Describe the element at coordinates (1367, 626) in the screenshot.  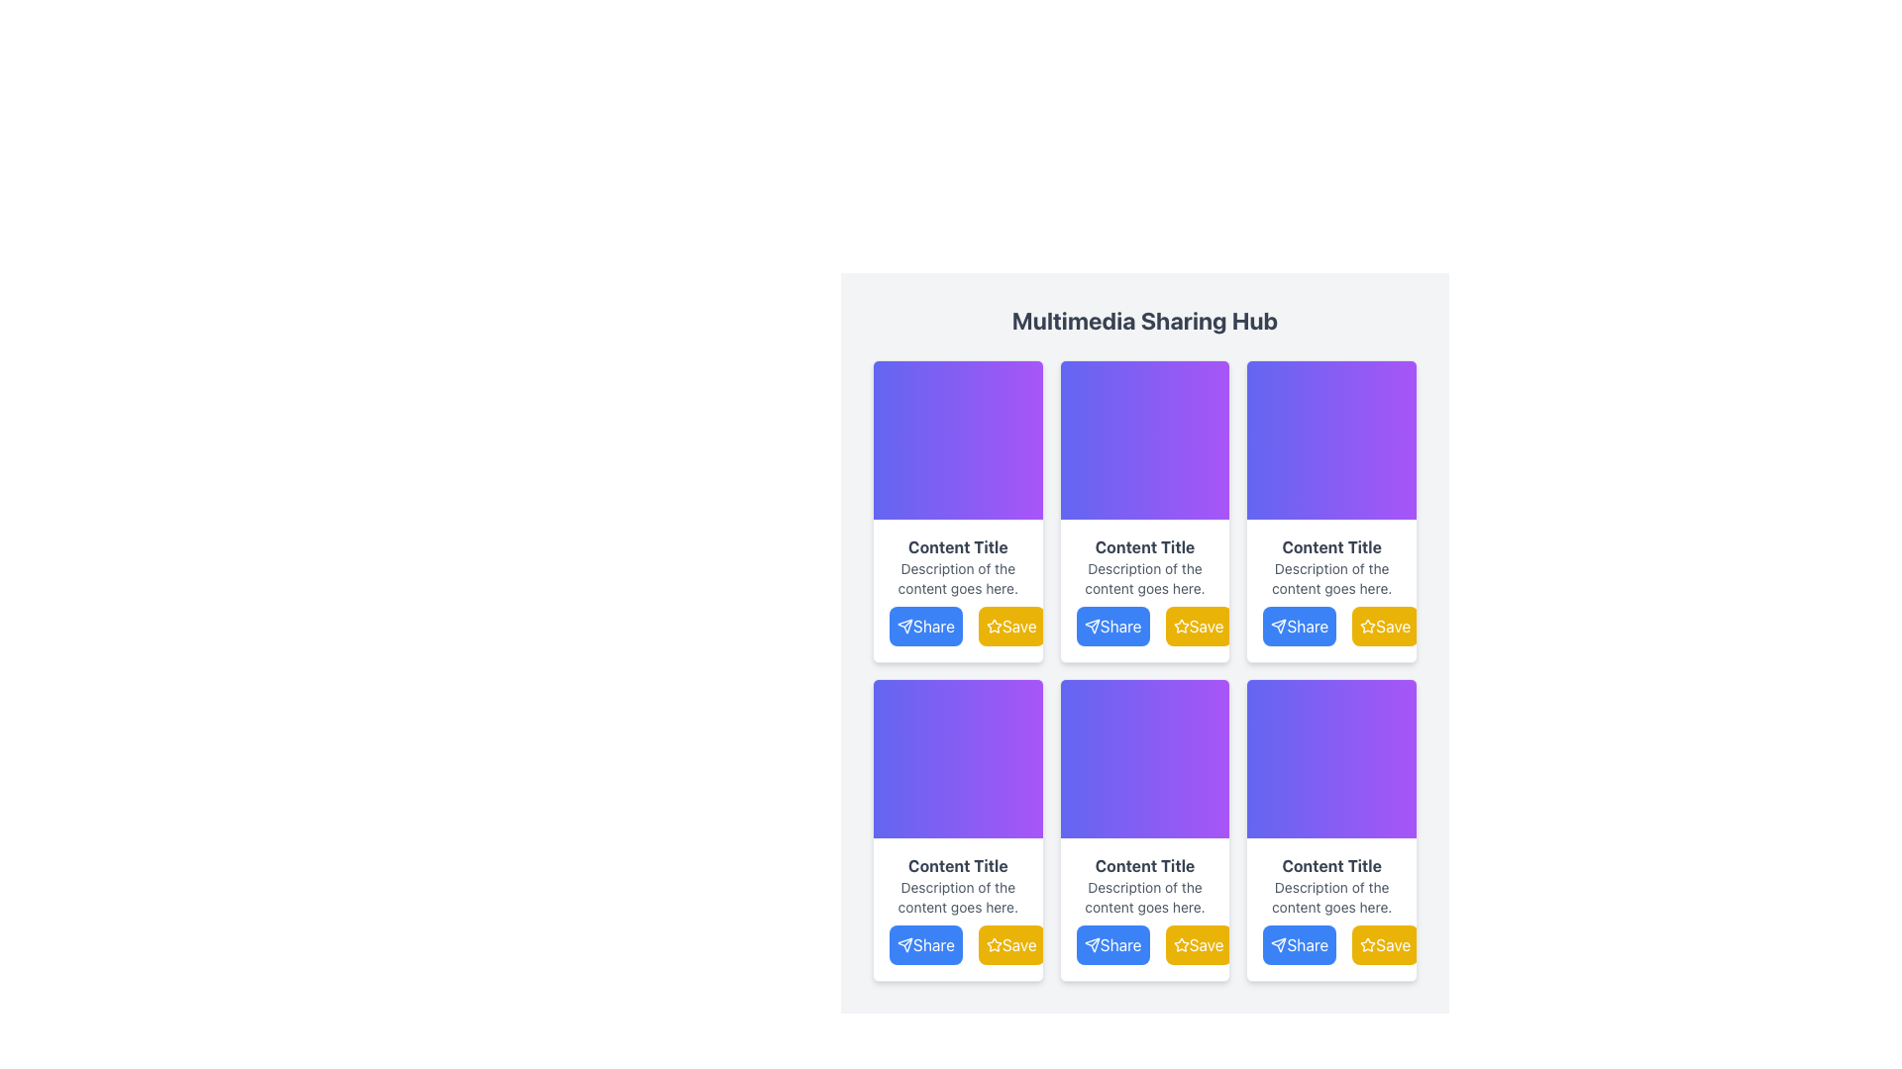
I see `the yellow star-shaped icon within the Save button` at that location.